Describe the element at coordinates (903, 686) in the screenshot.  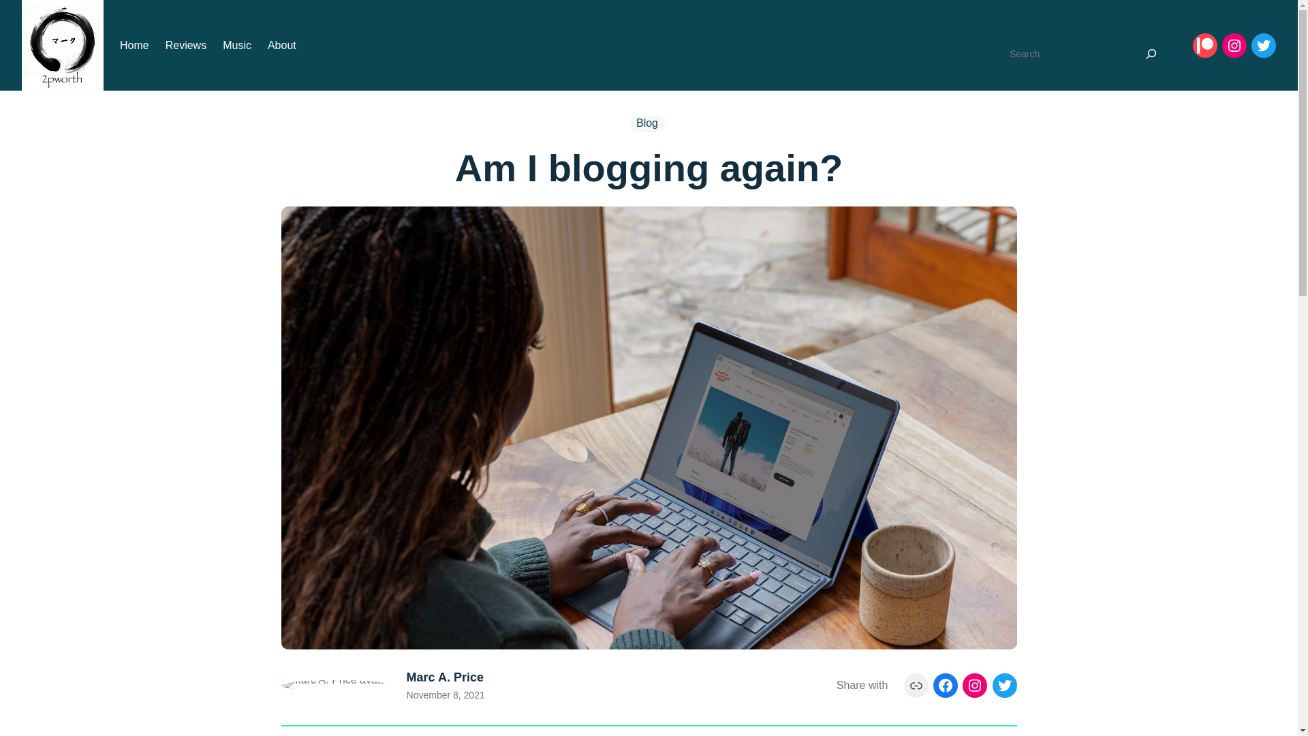
I see `'Link'` at that location.